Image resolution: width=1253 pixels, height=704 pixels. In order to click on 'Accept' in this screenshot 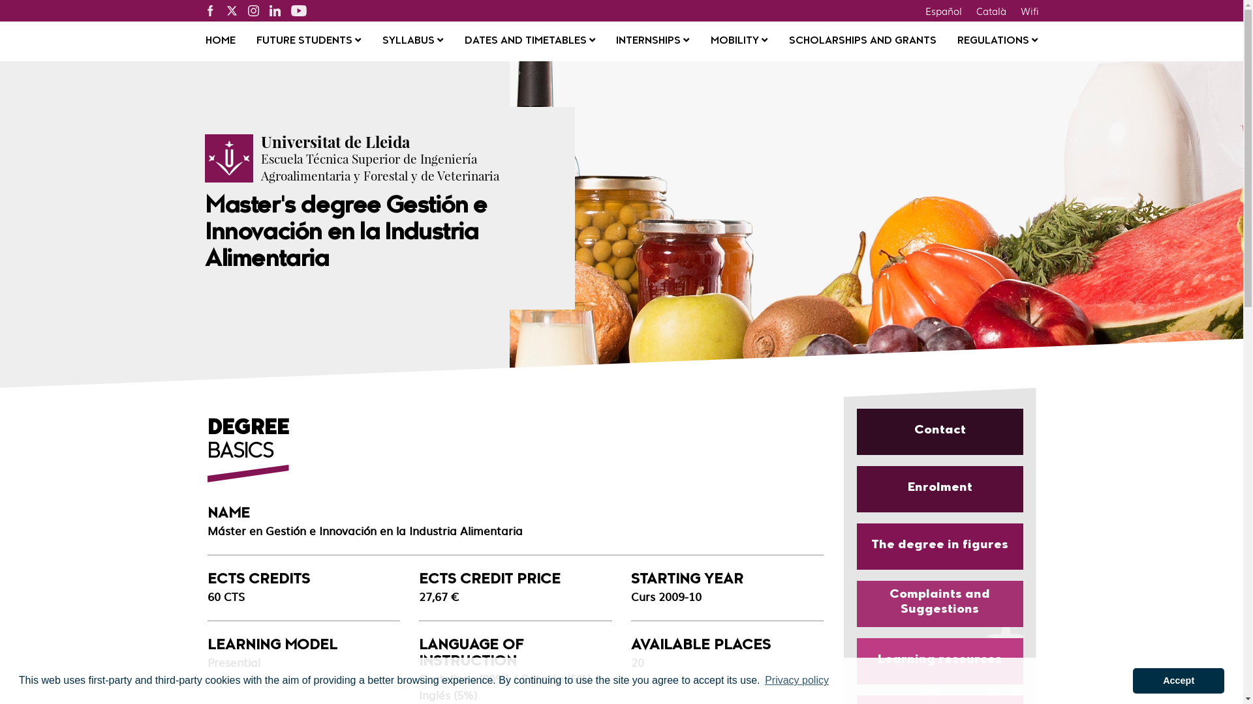, I will do `click(1178, 680)`.